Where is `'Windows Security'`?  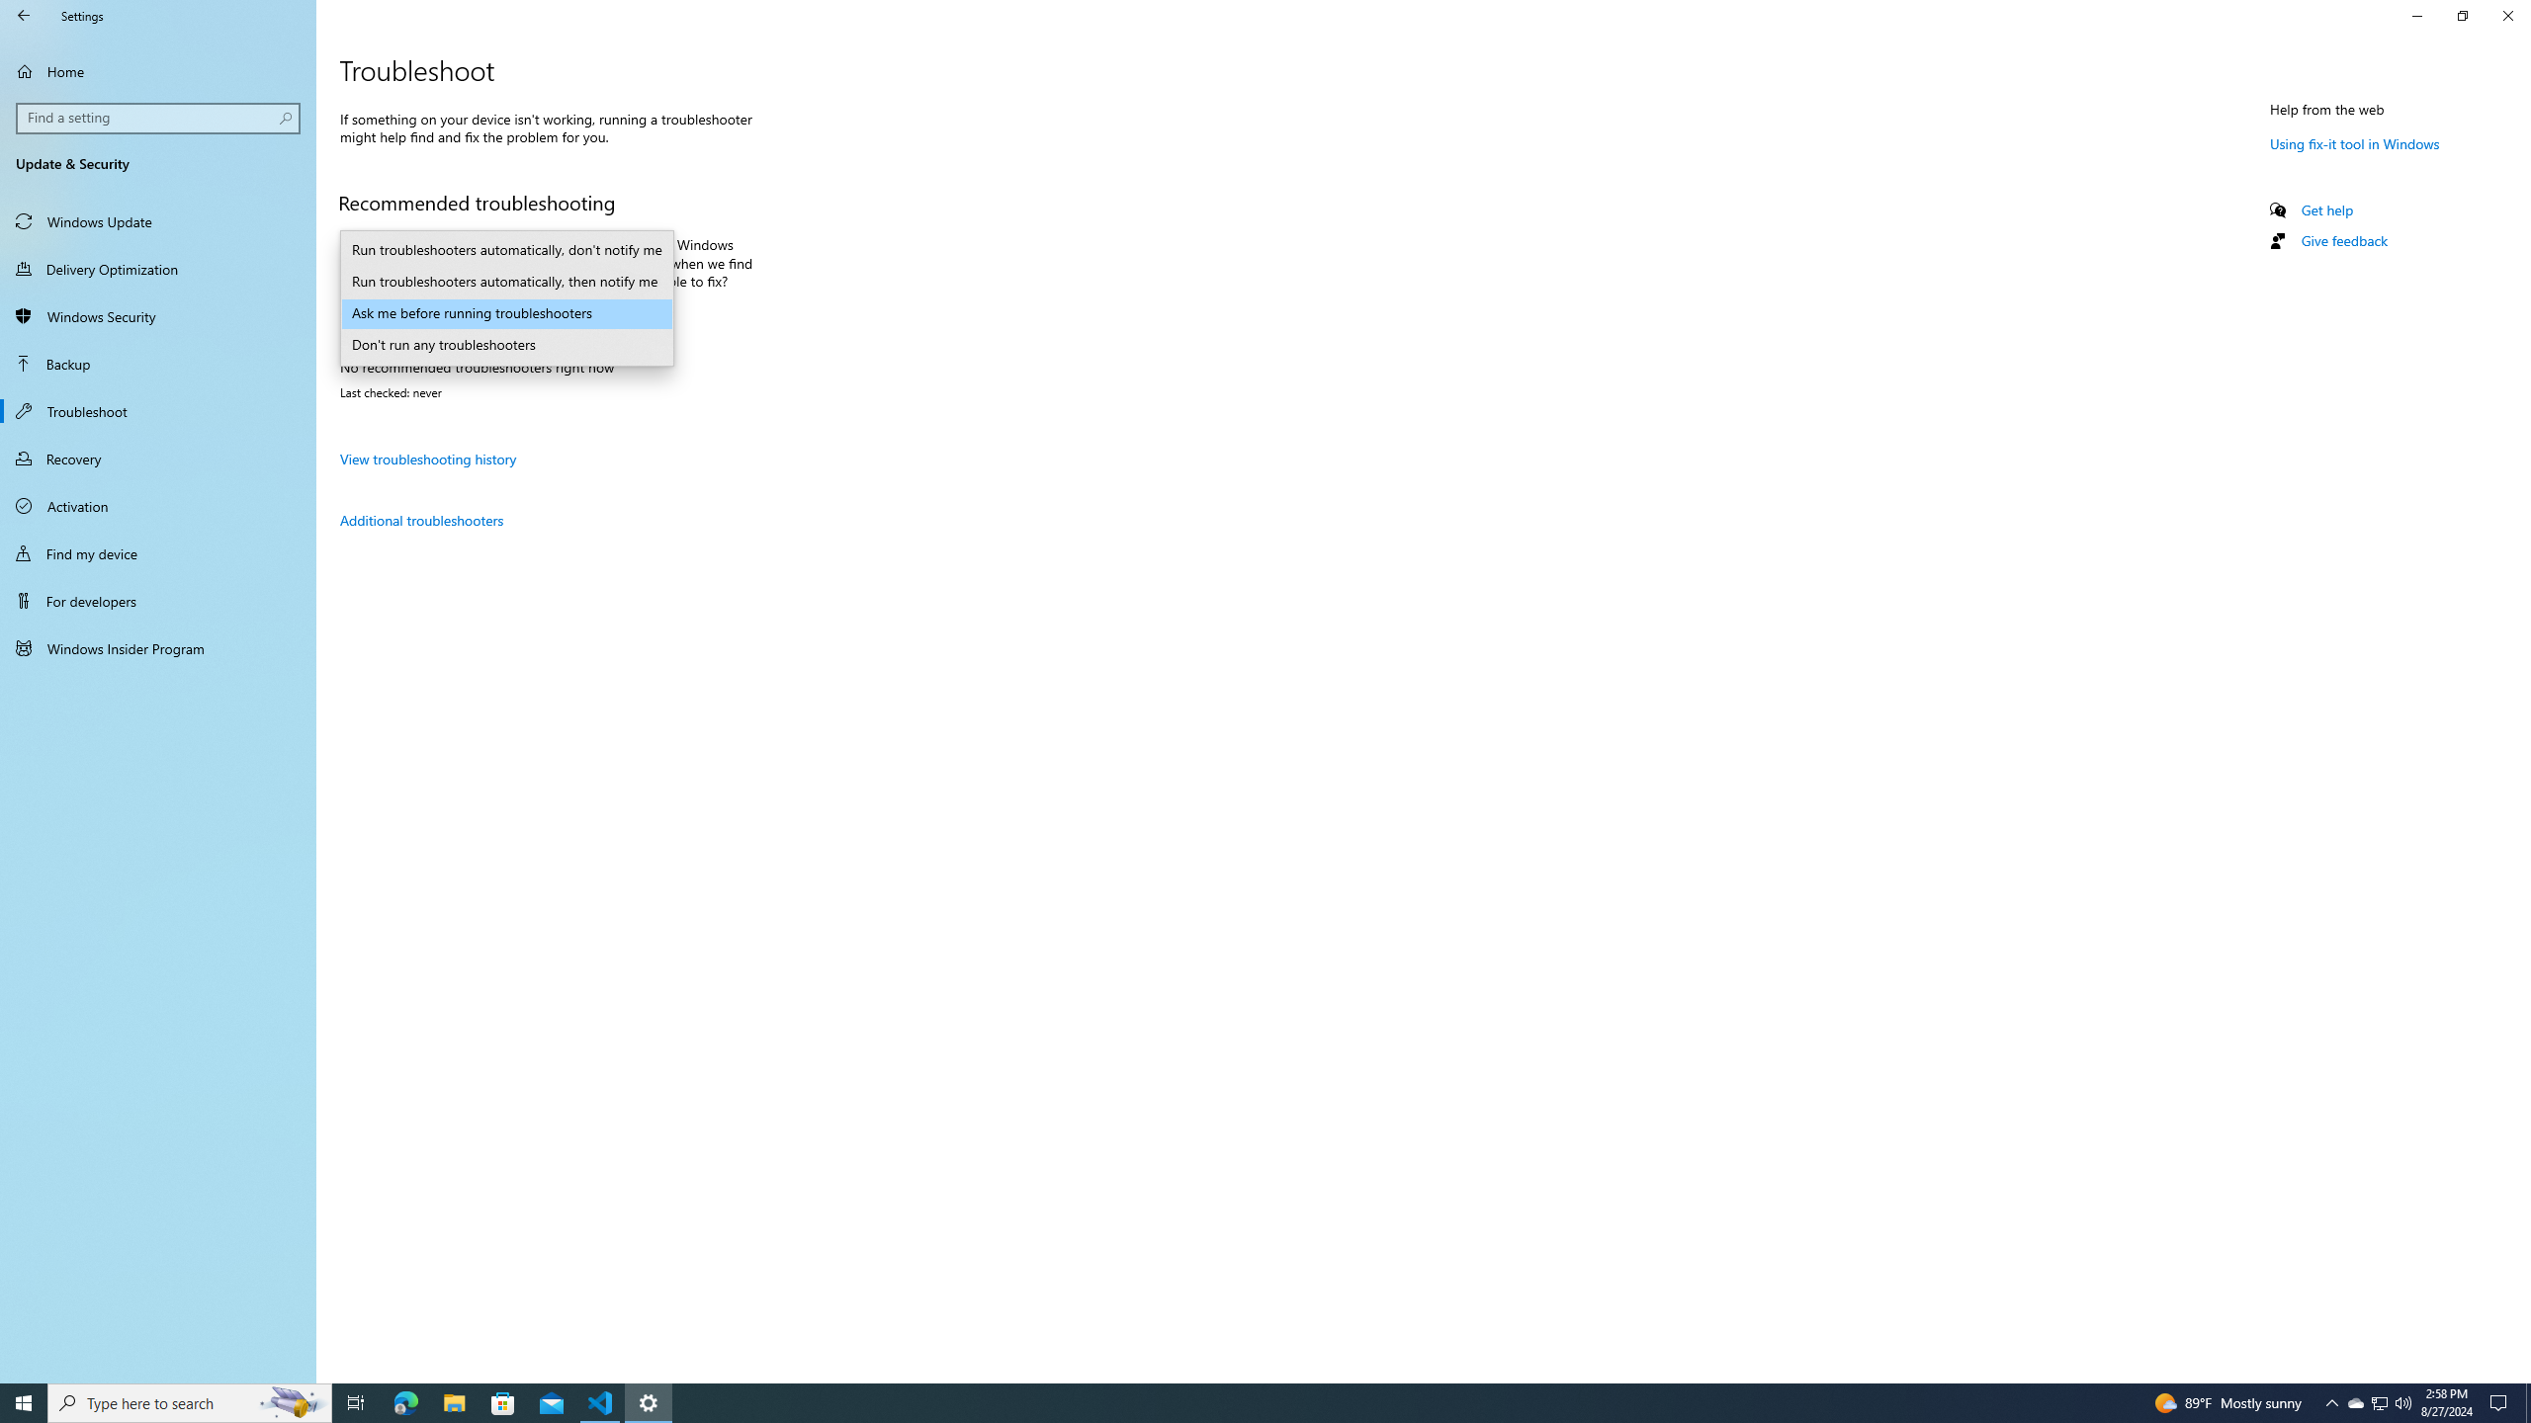 'Windows Security' is located at coordinates (157, 315).